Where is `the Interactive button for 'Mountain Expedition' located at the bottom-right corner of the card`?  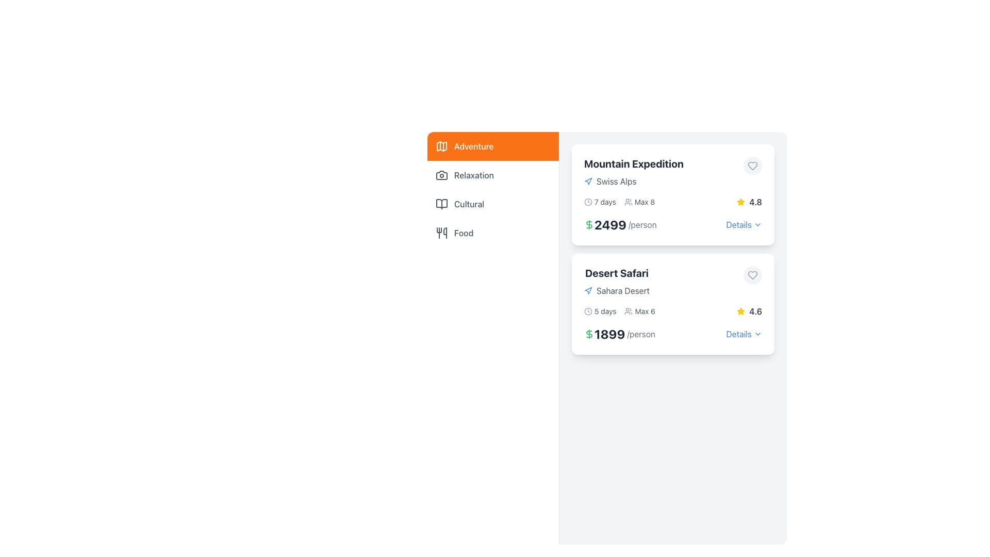 the Interactive button for 'Mountain Expedition' located at the bottom-right corner of the card is located at coordinates (744, 224).